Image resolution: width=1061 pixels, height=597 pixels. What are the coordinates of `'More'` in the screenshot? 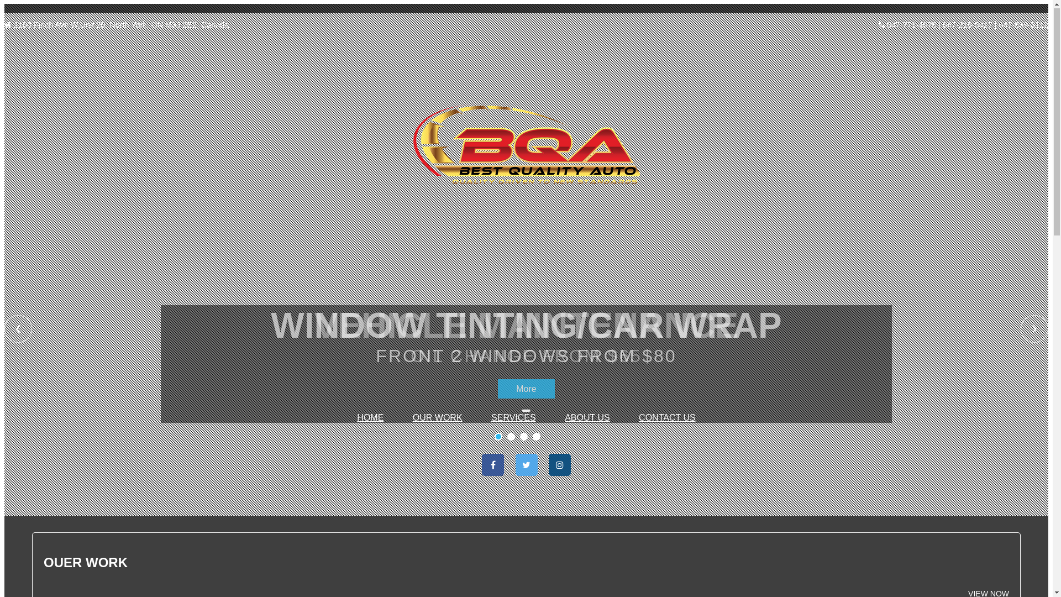 It's located at (525, 389).